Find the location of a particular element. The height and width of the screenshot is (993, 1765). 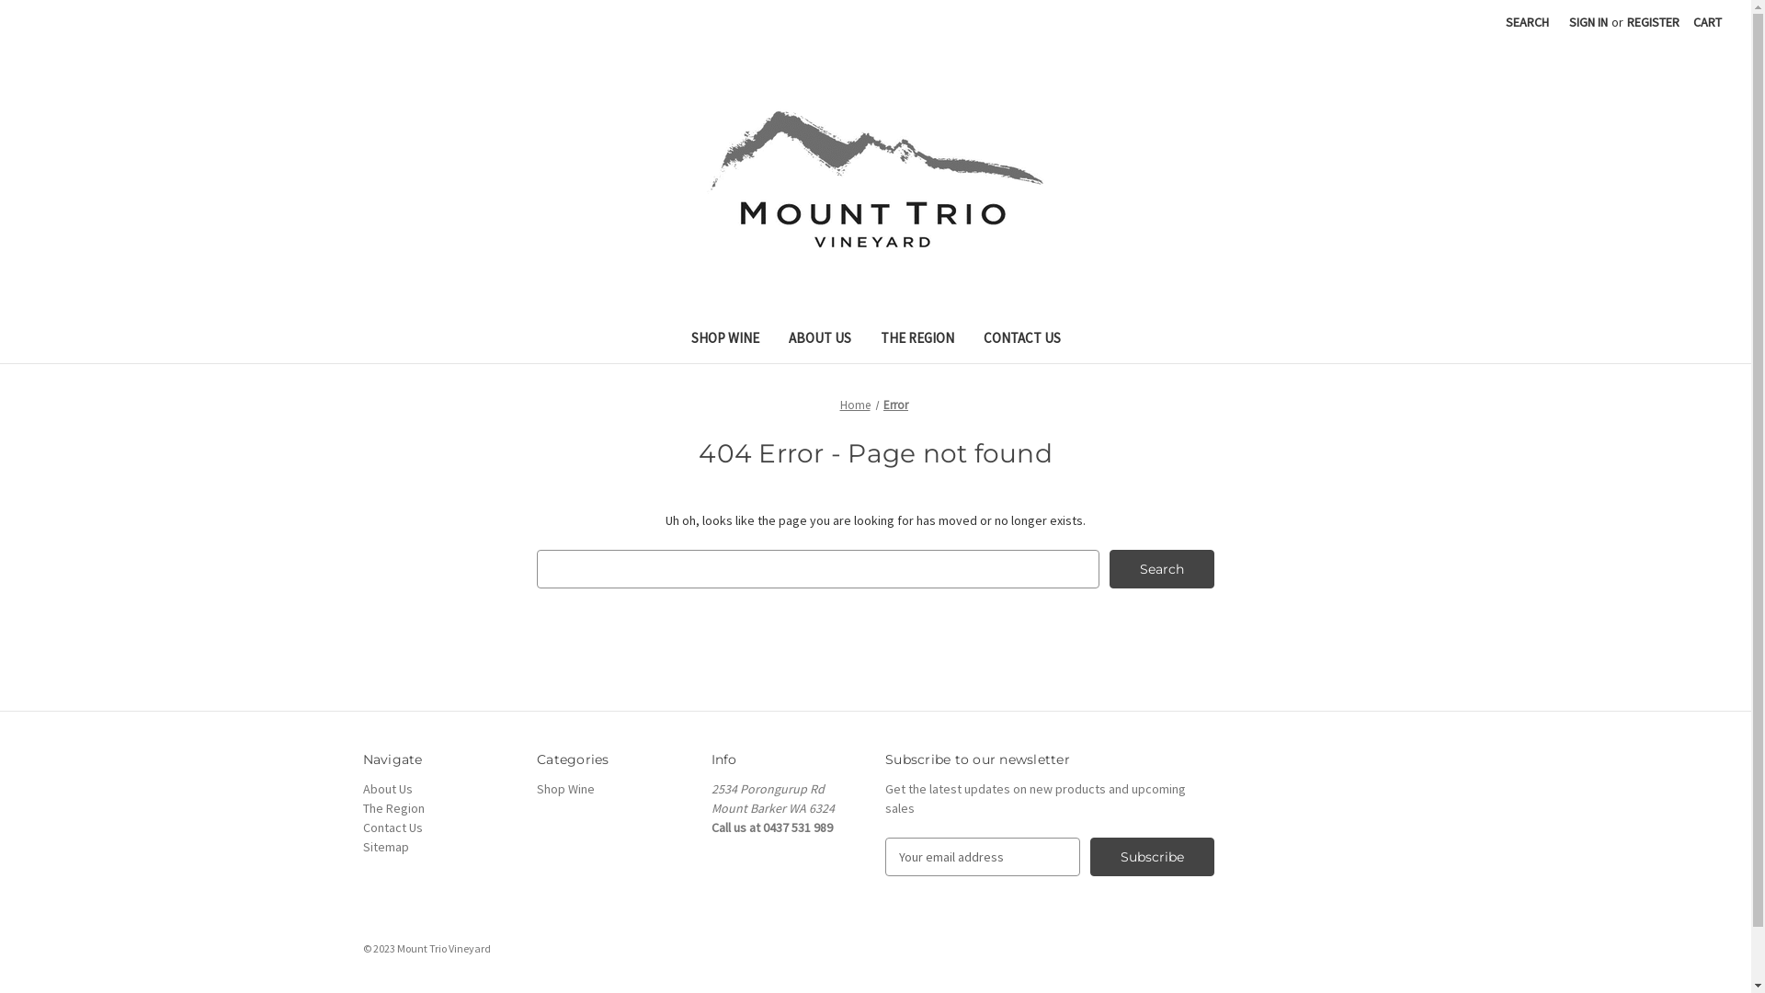

'CONTACT US' is located at coordinates (1021, 340).